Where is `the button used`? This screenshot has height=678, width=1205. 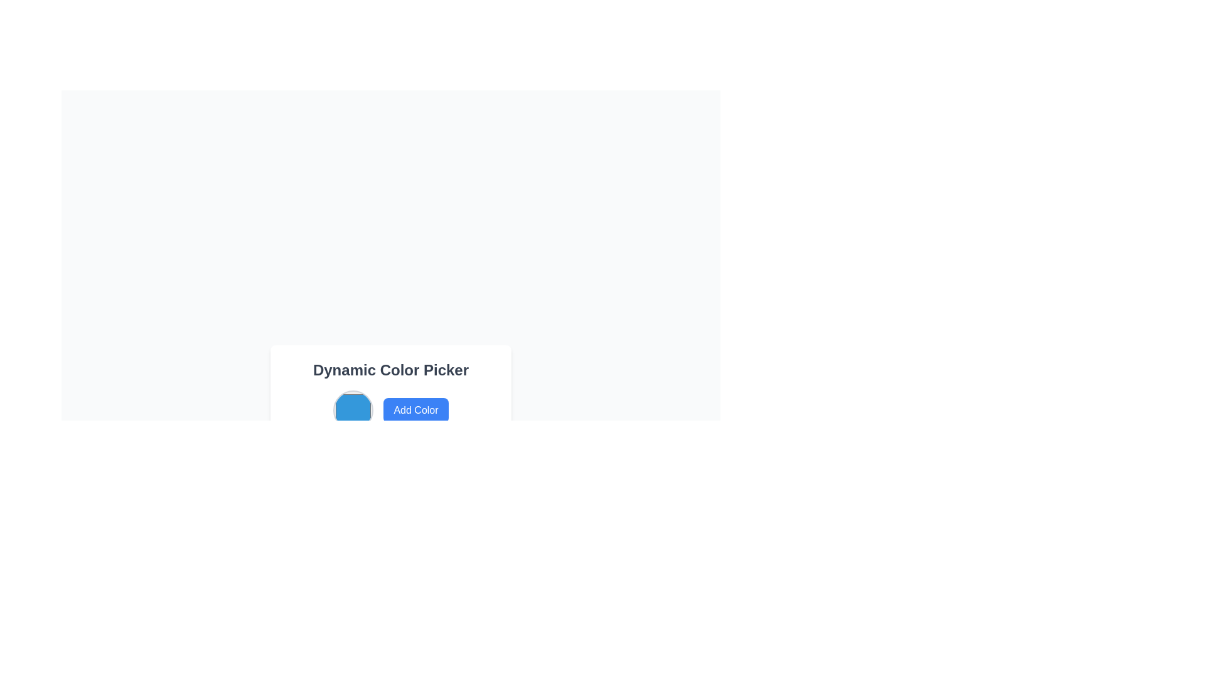 the button used is located at coordinates (415, 411).